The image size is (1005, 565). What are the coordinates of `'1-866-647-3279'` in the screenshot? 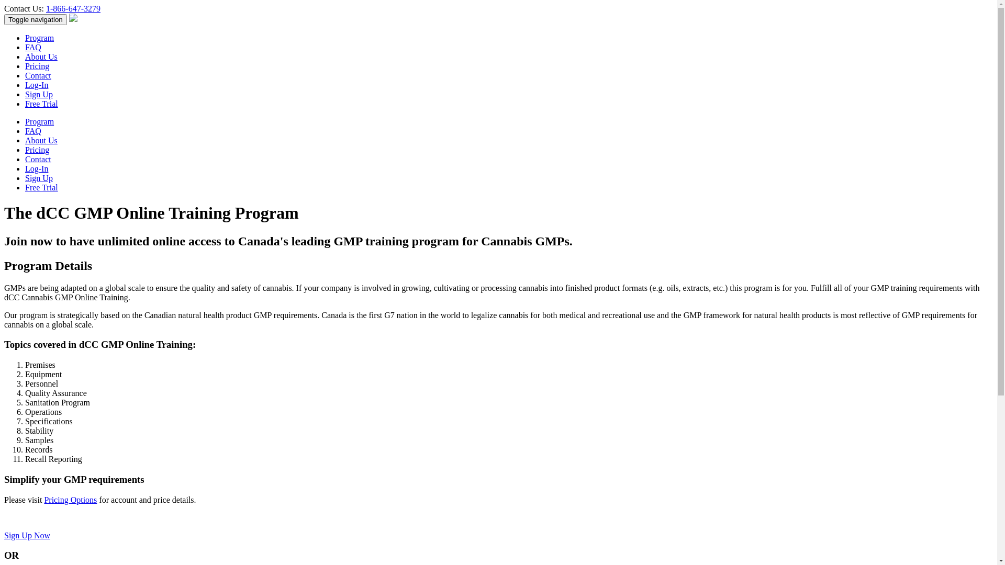 It's located at (72, 8).